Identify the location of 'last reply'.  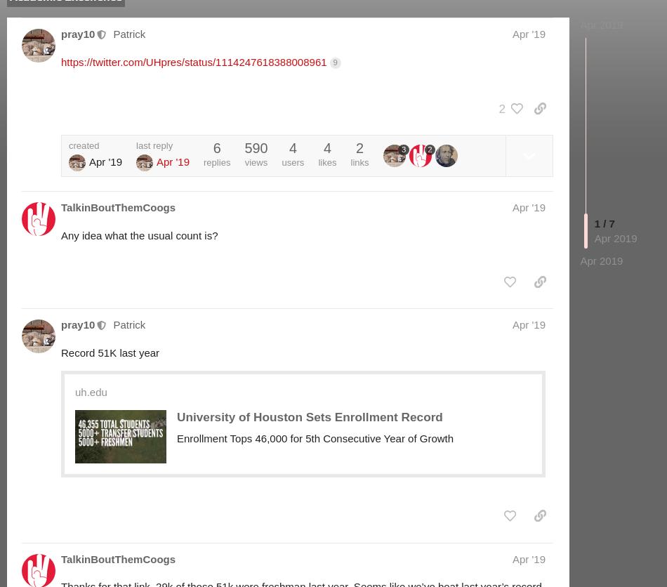
(154, 145).